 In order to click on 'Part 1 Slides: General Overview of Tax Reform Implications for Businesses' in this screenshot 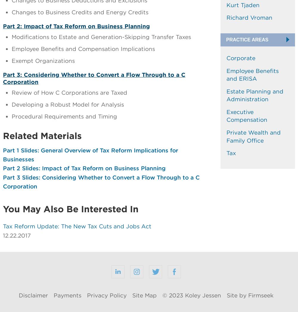, I will do `click(3, 155)`.